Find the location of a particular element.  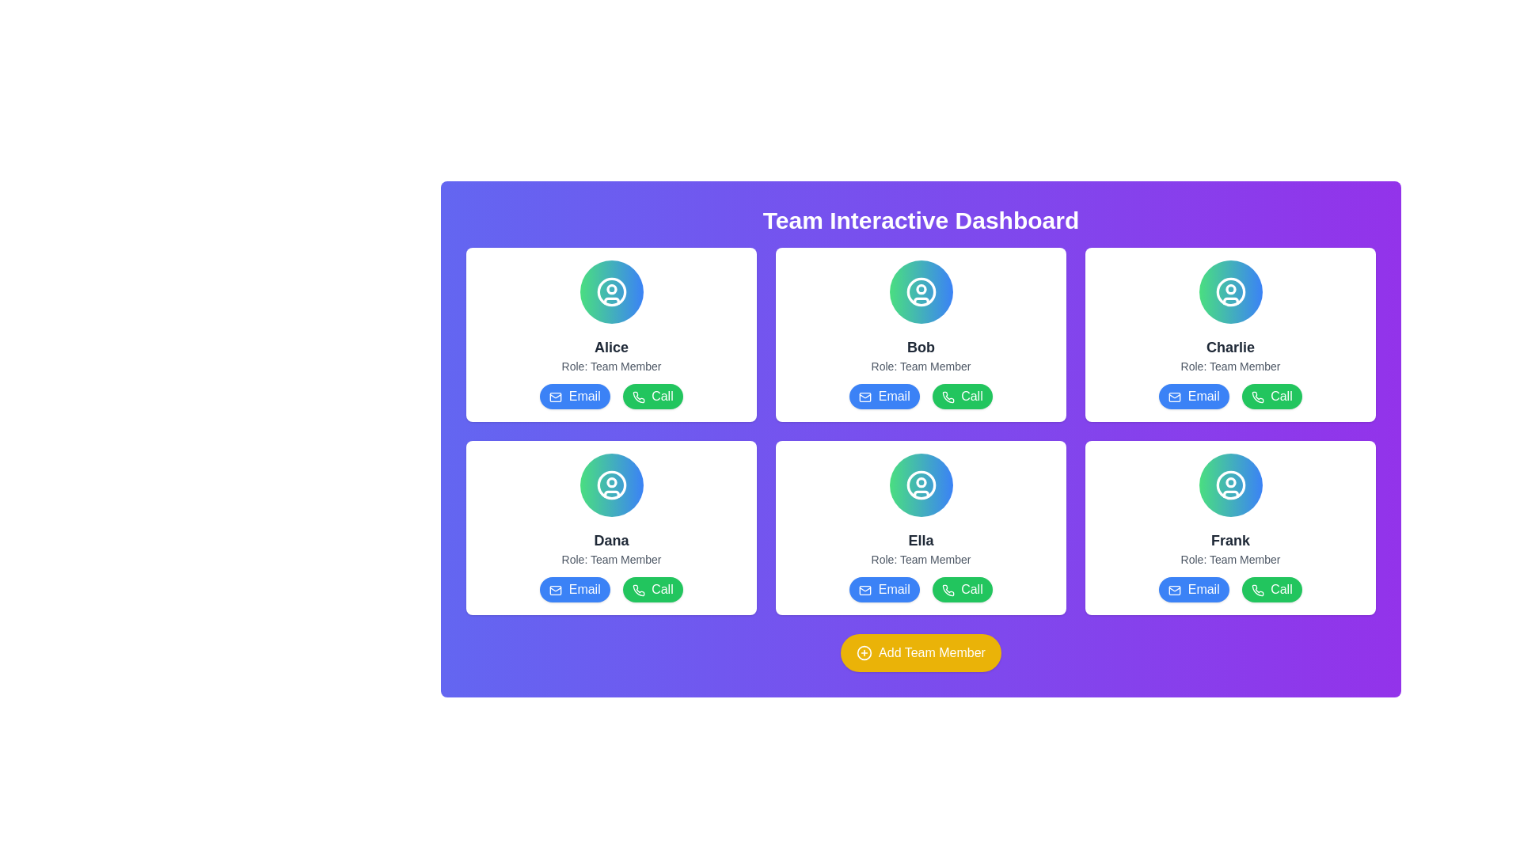

the decorative graphical line within the user icon representing Dana's profile, located in the bottom-left position among six displayed cards is located at coordinates (610, 493).